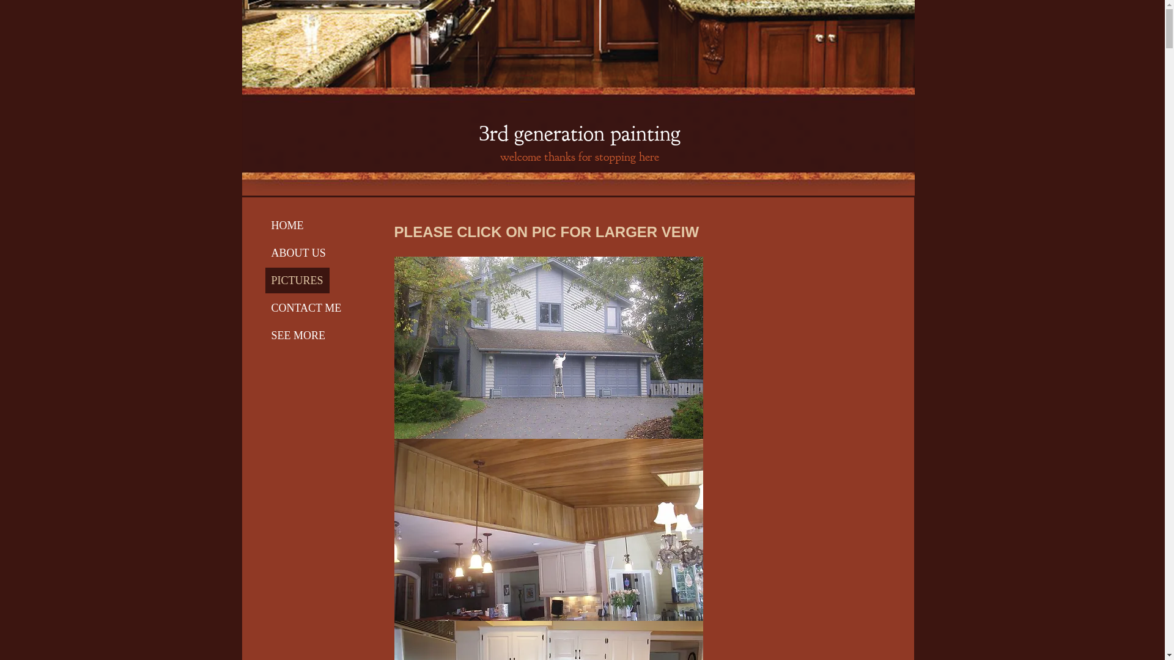  Describe the element at coordinates (264, 252) in the screenshot. I see `'ABOUT US'` at that location.